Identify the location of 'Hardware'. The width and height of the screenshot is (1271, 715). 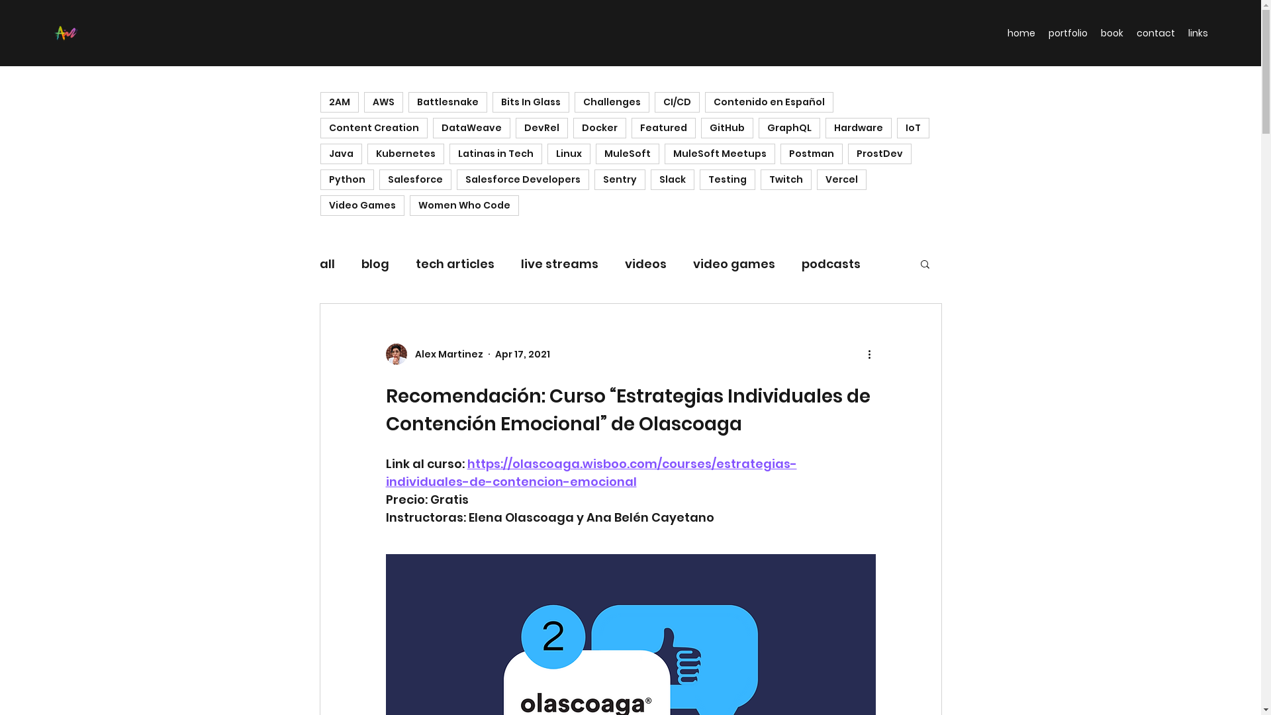
(824, 128).